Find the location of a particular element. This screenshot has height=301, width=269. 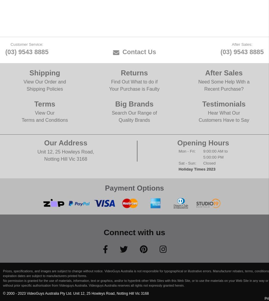

'Find Out What to do if' is located at coordinates (134, 81).